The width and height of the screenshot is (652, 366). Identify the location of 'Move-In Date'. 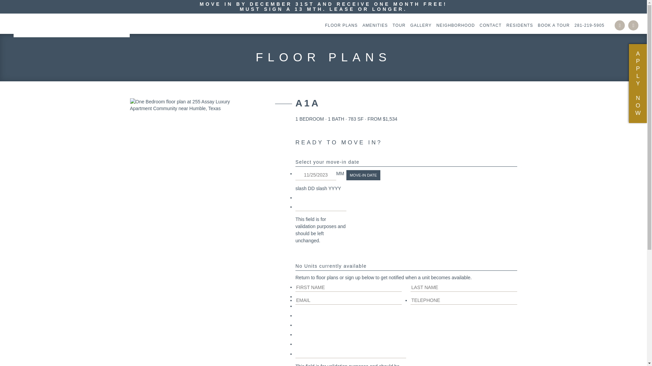
(346, 175).